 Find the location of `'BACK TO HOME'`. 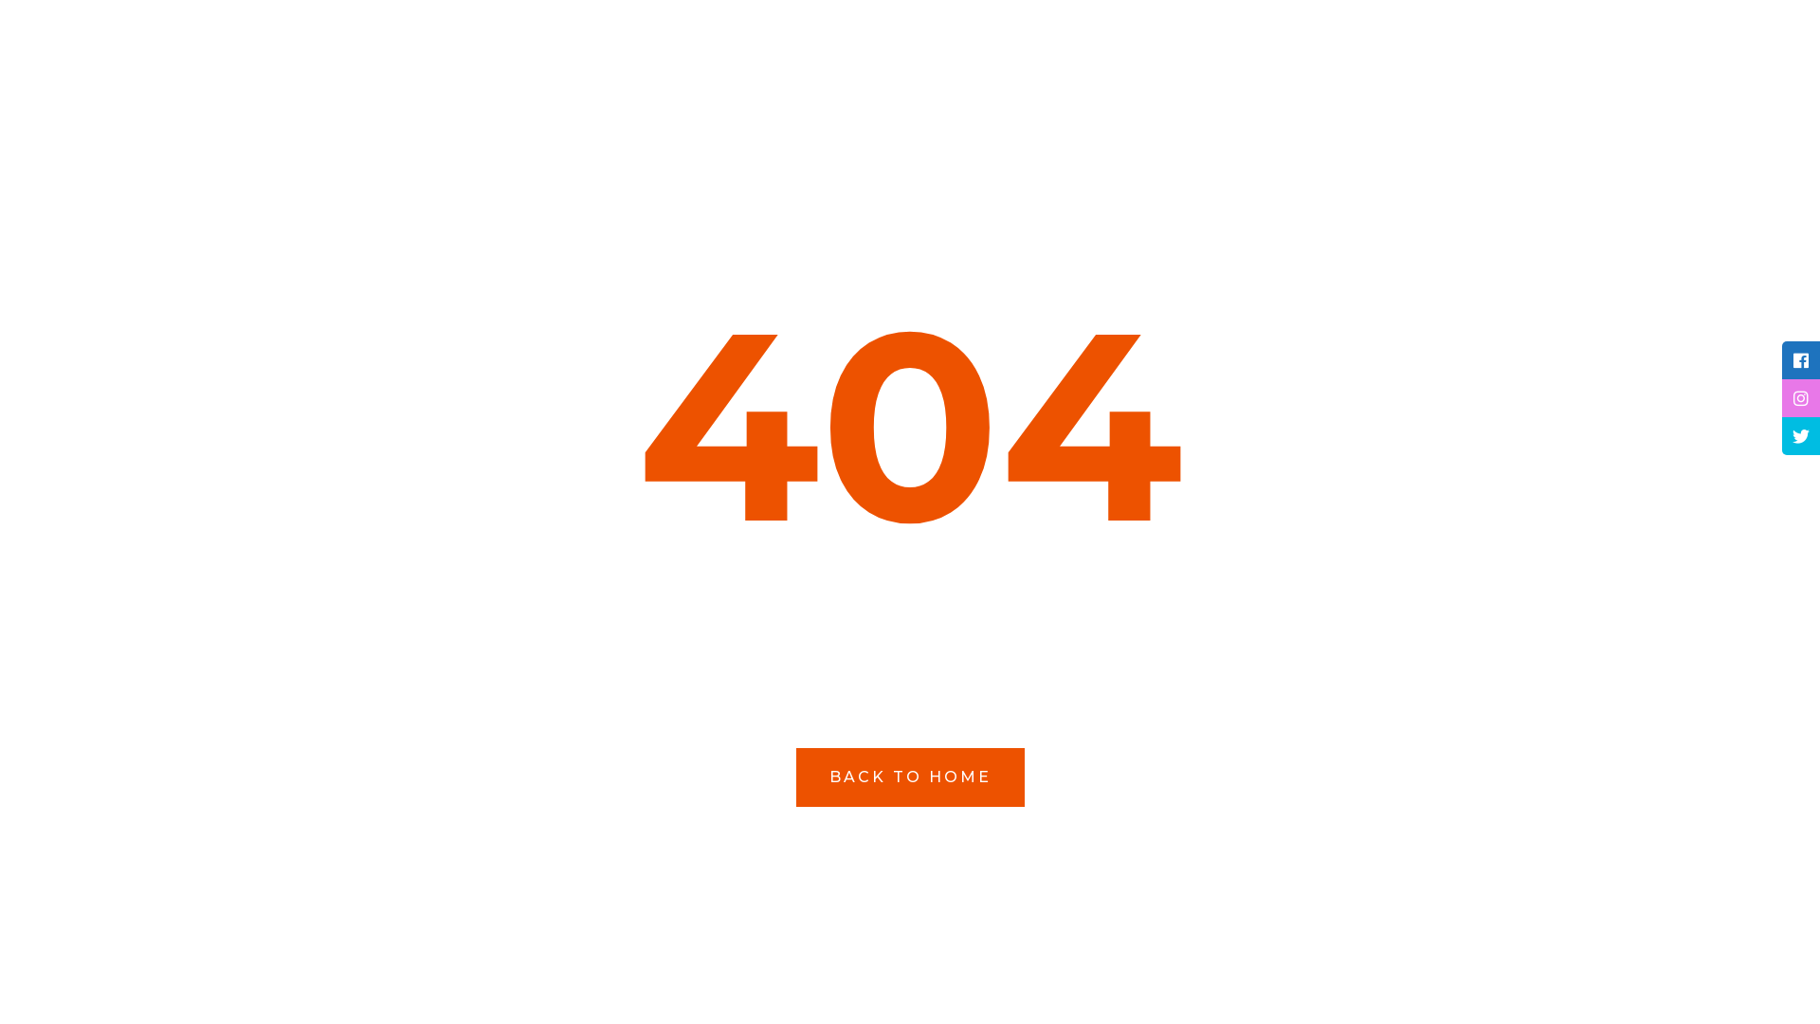

'BACK TO HOME' is located at coordinates (796, 776).